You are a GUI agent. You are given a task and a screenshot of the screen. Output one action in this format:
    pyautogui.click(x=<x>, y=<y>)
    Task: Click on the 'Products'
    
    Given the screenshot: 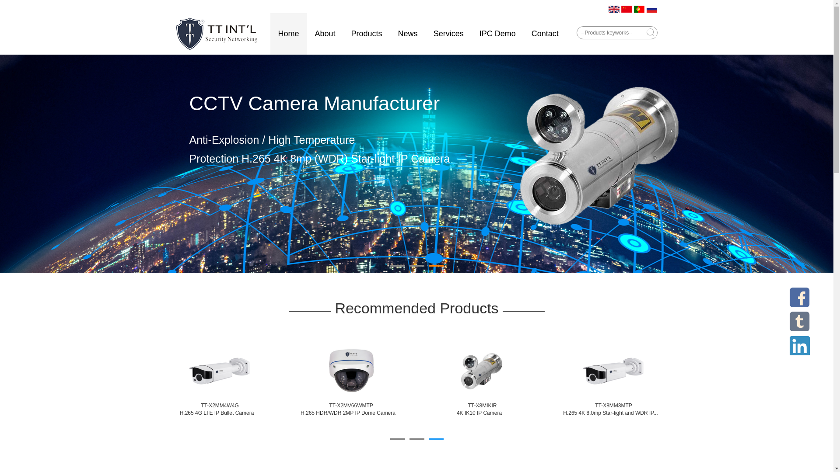 What is the action you would take?
    pyautogui.click(x=367, y=33)
    